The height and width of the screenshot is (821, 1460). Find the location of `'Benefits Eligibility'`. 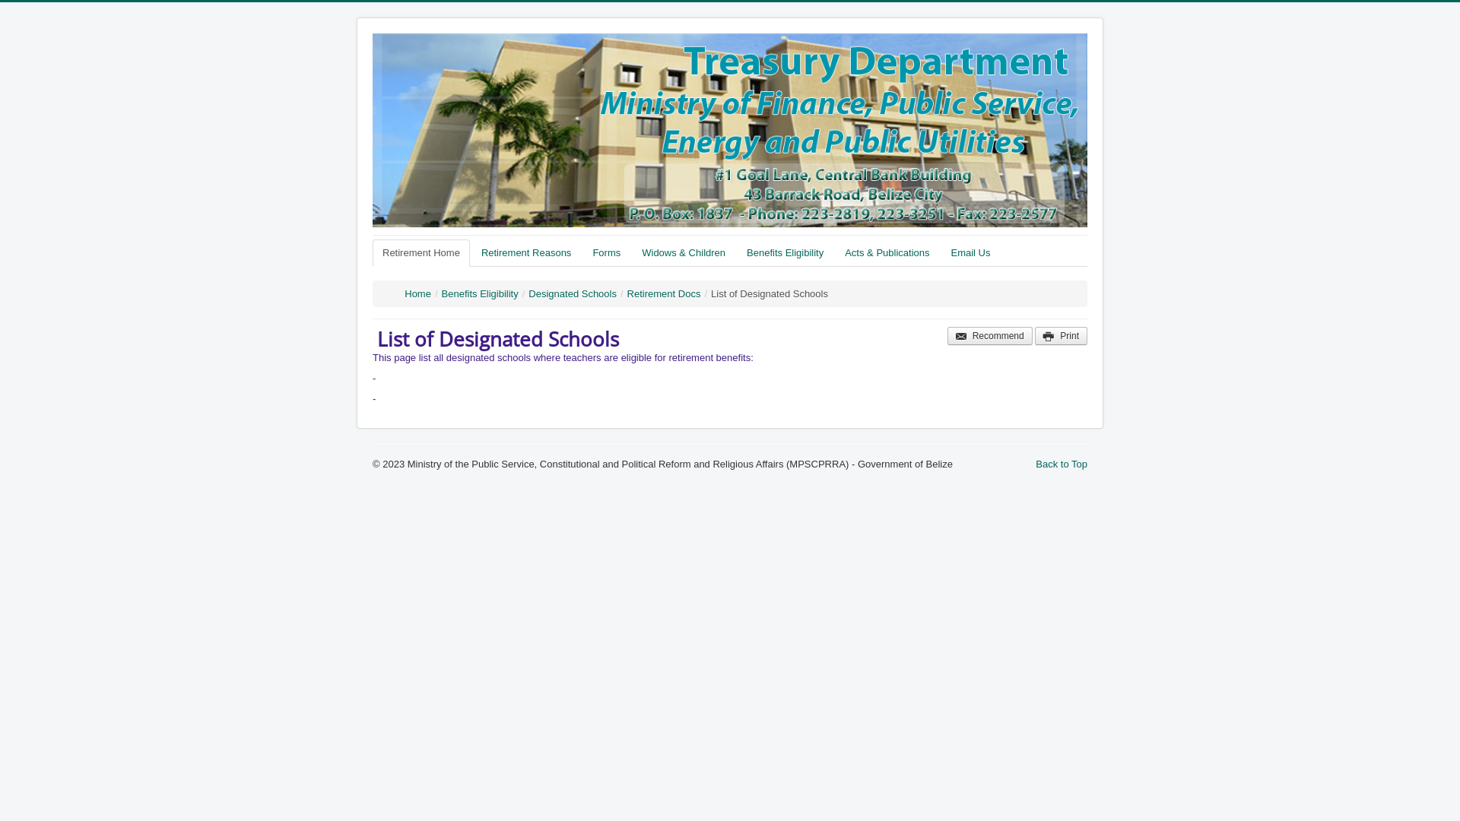

'Benefits Eligibility' is located at coordinates (479, 293).